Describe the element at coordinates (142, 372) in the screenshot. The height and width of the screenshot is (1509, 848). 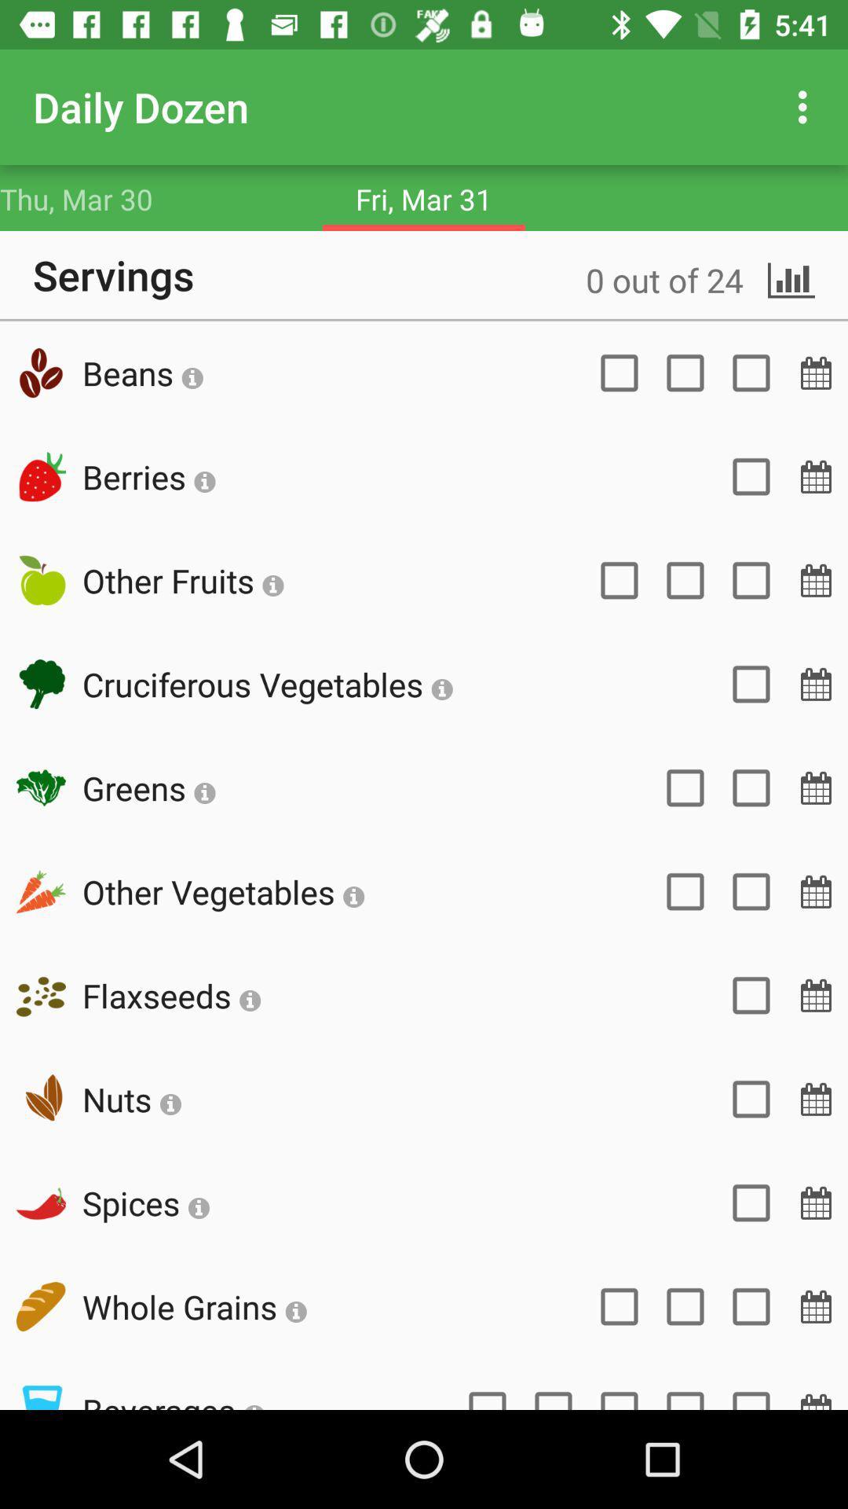
I see `item to the left of 0 out of item` at that location.